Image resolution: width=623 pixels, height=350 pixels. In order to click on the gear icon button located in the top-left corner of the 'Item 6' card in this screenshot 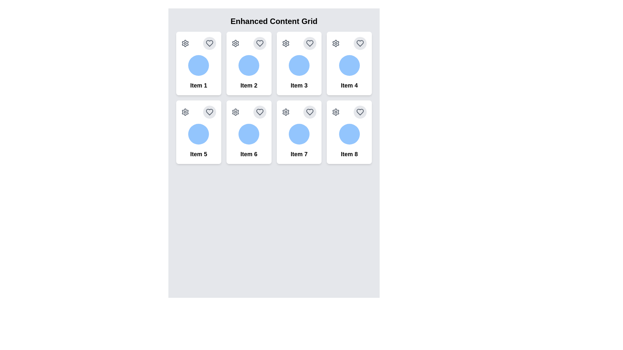, I will do `click(235, 112)`.